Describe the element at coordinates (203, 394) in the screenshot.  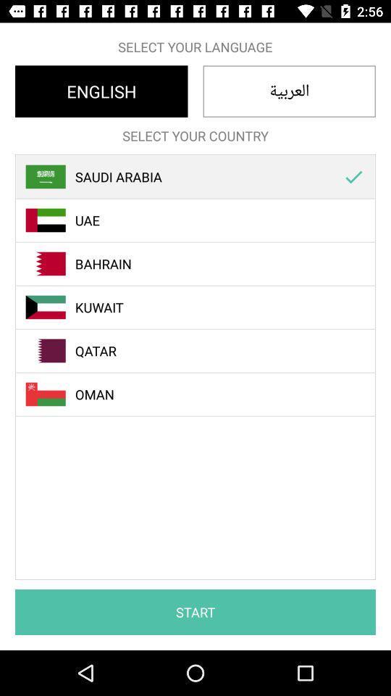
I see `oman` at that location.